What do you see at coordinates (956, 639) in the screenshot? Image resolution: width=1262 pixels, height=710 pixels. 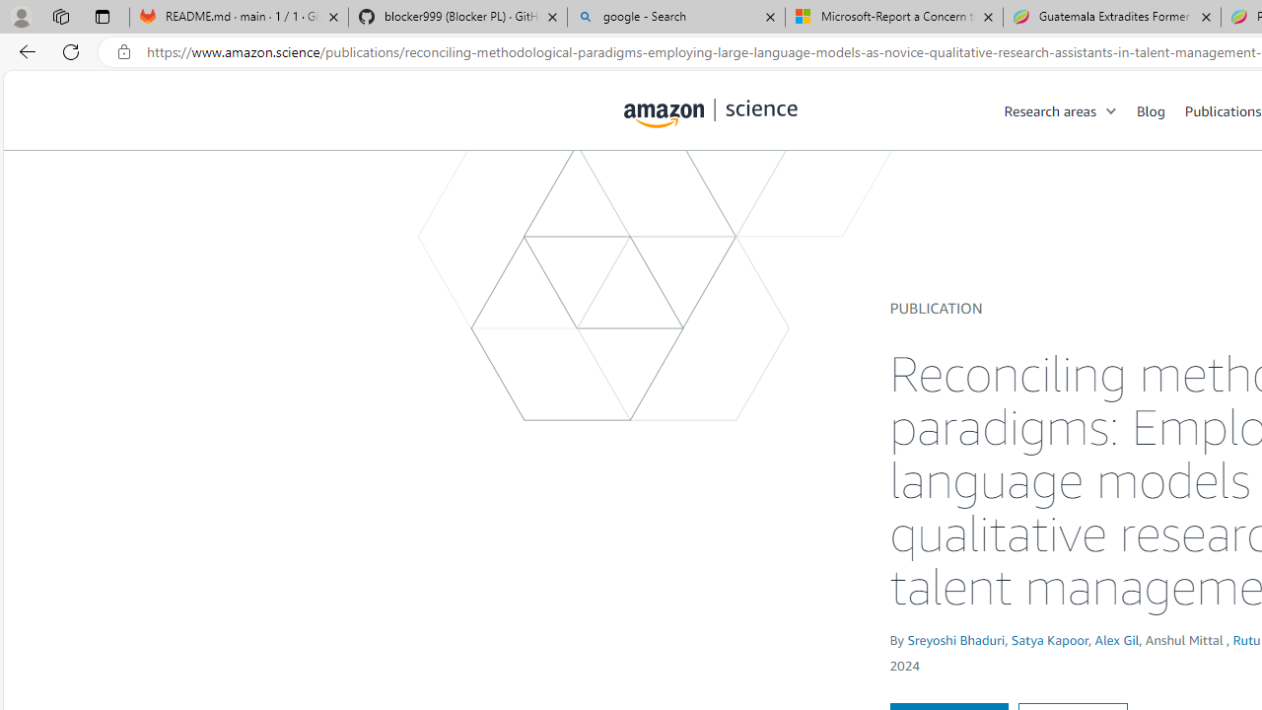 I see `'Sreyoshi Bhaduri'` at bounding box center [956, 639].